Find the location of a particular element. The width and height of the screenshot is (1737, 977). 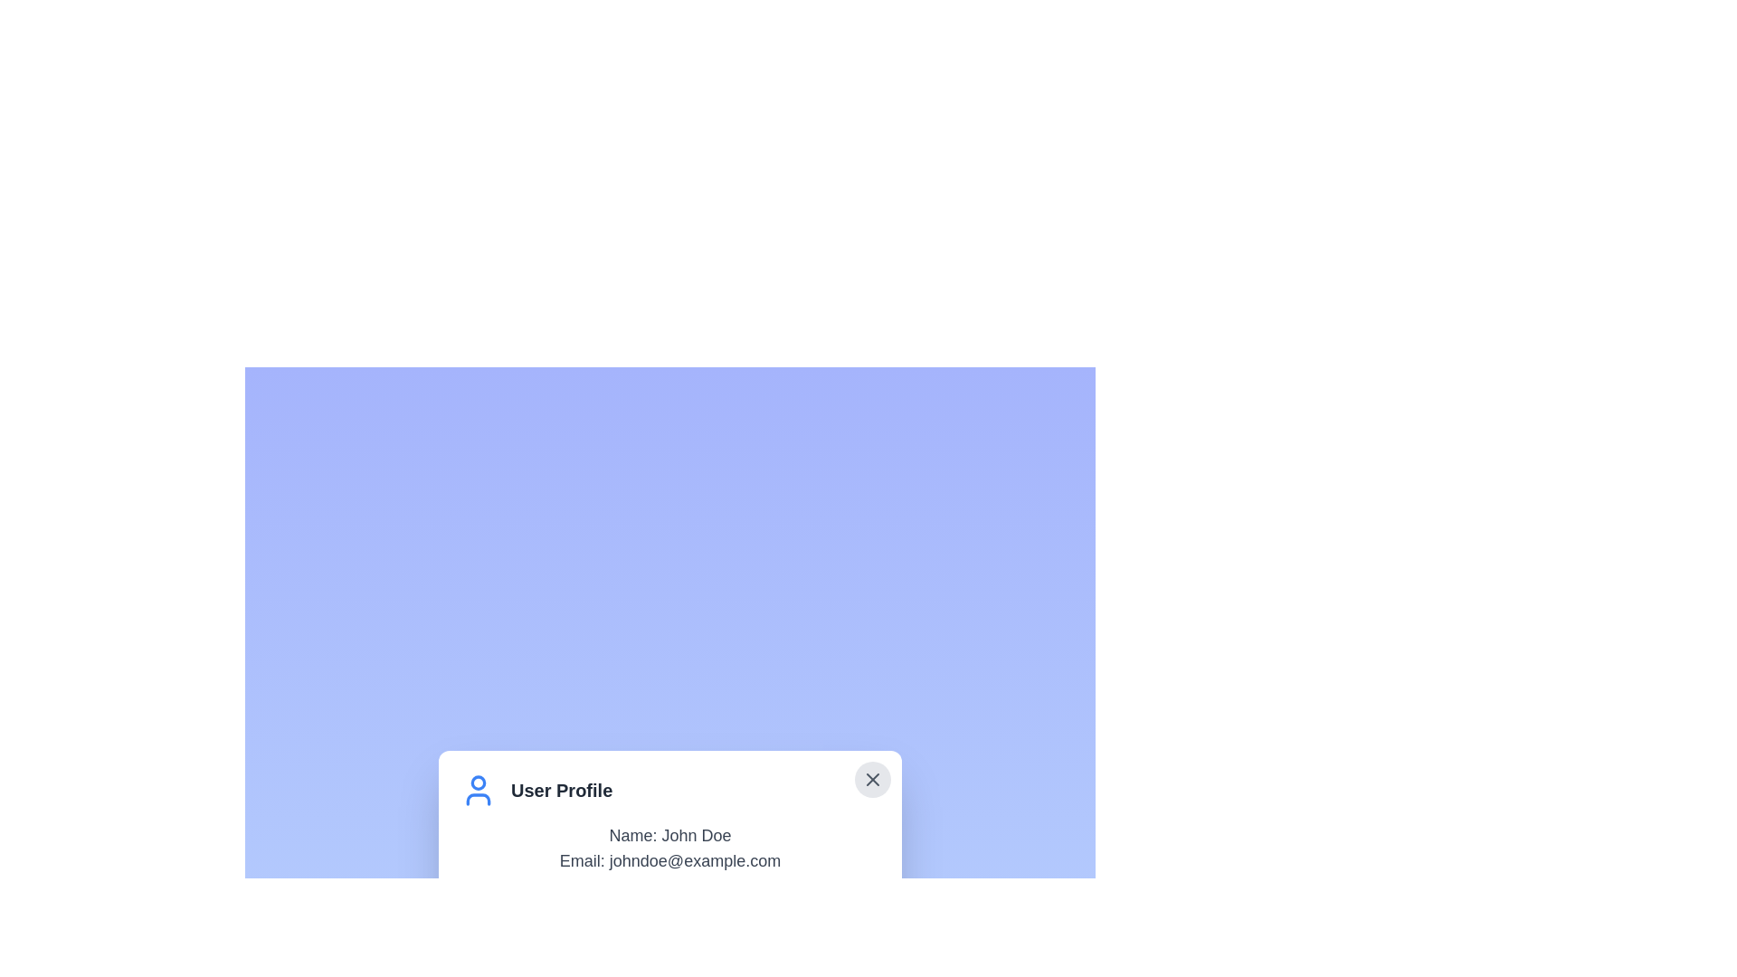

the text element displaying 'Email: johndoe@example.com' in the user profile section of the pop-up window is located at coordinates (669, 860).